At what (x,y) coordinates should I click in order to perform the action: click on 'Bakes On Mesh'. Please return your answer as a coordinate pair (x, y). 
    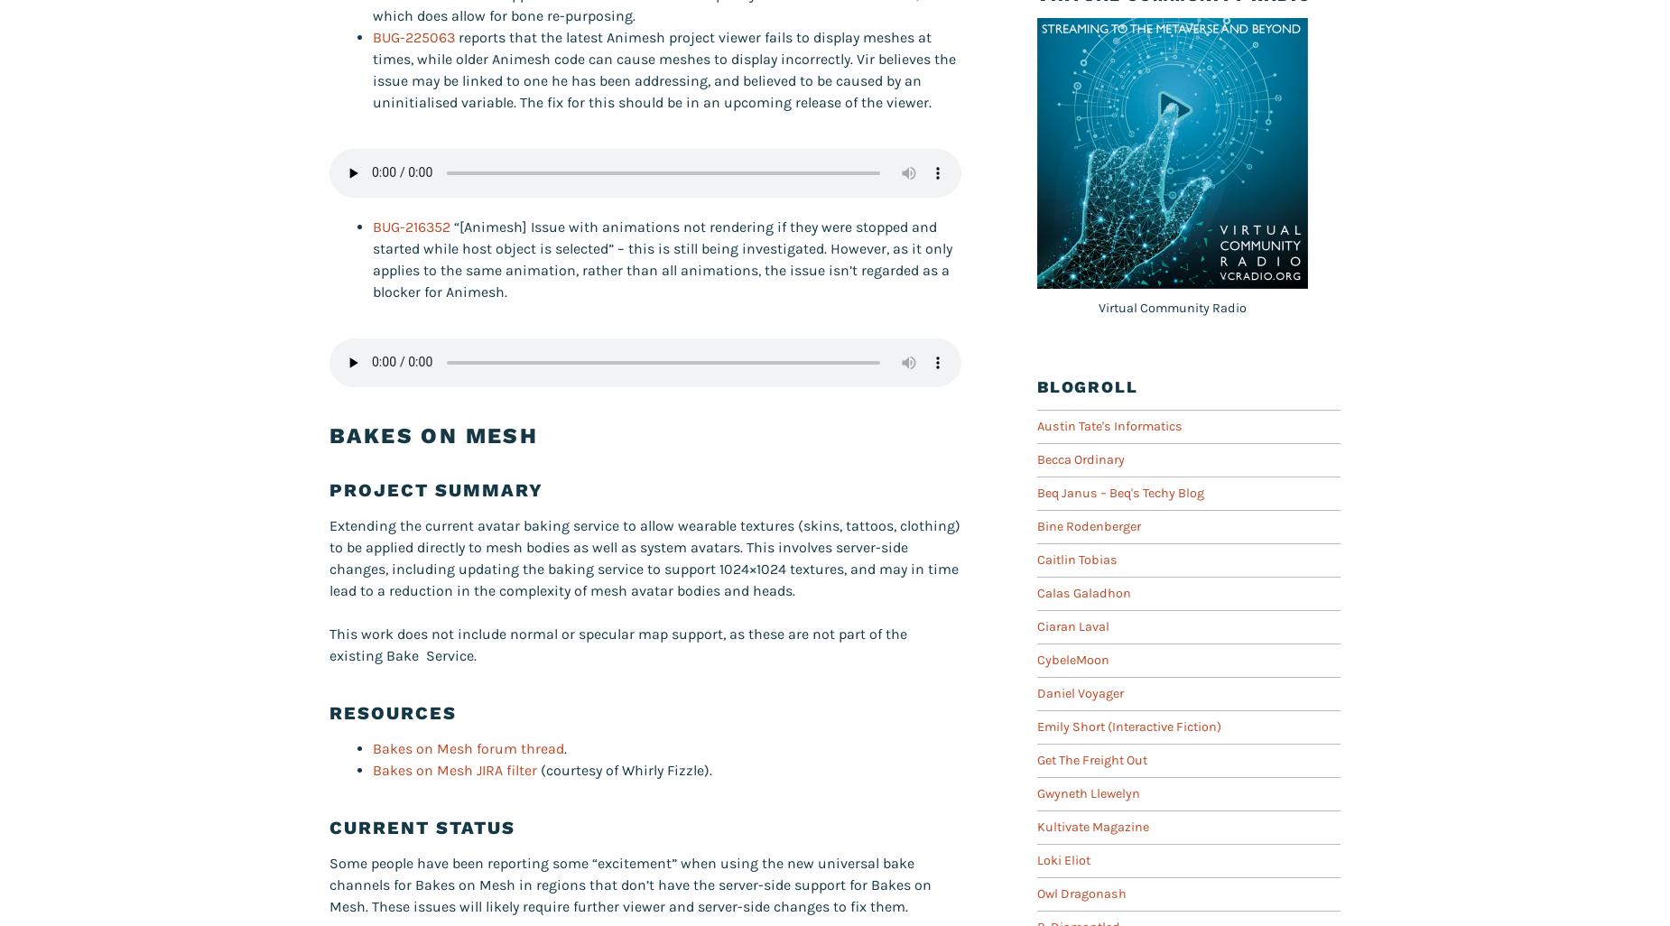
    Looking at the image, I should click on (433, 435).